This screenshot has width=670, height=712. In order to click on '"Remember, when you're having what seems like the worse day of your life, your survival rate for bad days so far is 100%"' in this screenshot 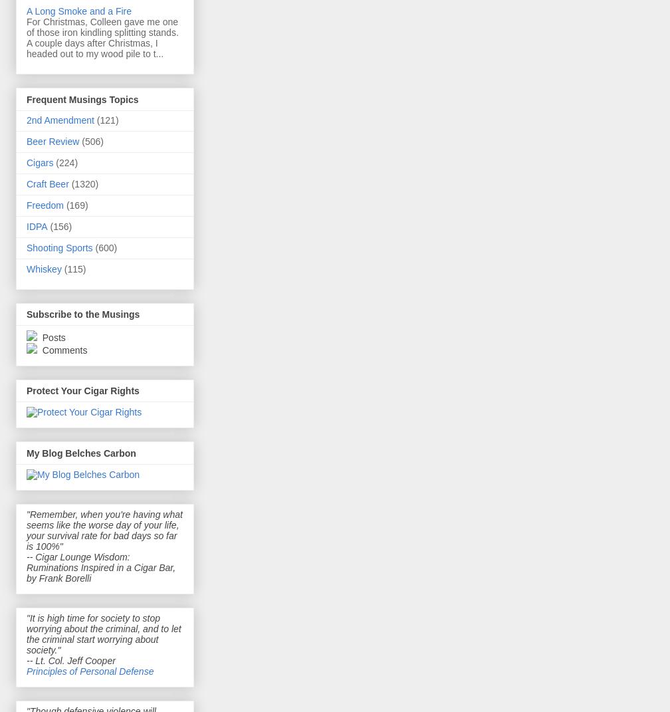, I will do `click(27, 529)`.